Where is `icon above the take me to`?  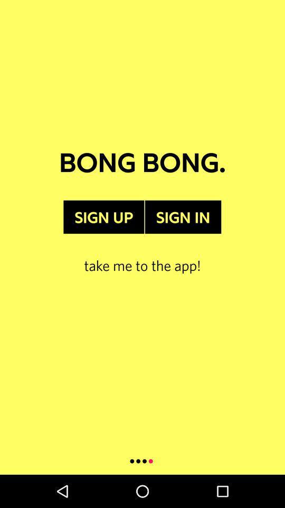 icon above the take me to is located at coordinates (103, 216).